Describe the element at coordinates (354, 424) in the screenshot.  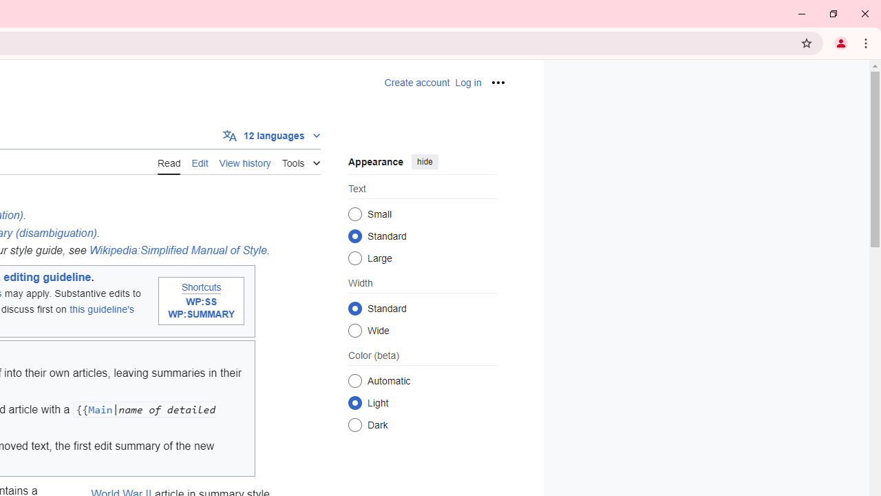
I see `'Dark'` at that location.